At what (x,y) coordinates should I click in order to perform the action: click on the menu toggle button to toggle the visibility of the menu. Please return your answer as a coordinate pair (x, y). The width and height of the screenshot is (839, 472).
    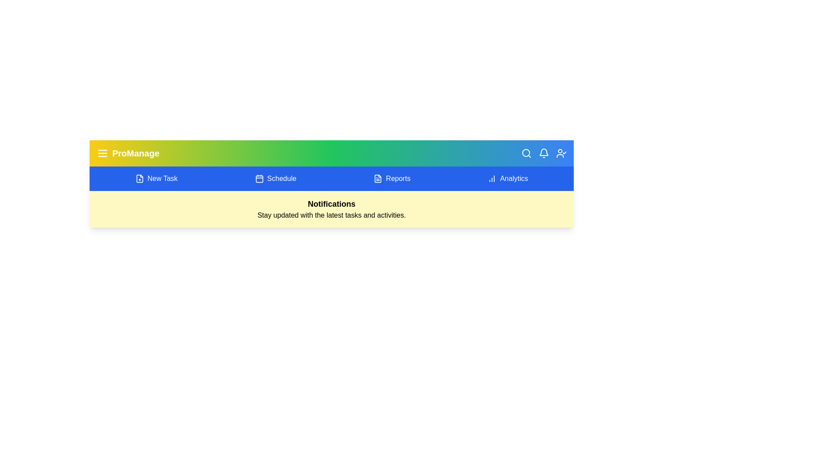
    Looking at the image, I should click on (103, 153).